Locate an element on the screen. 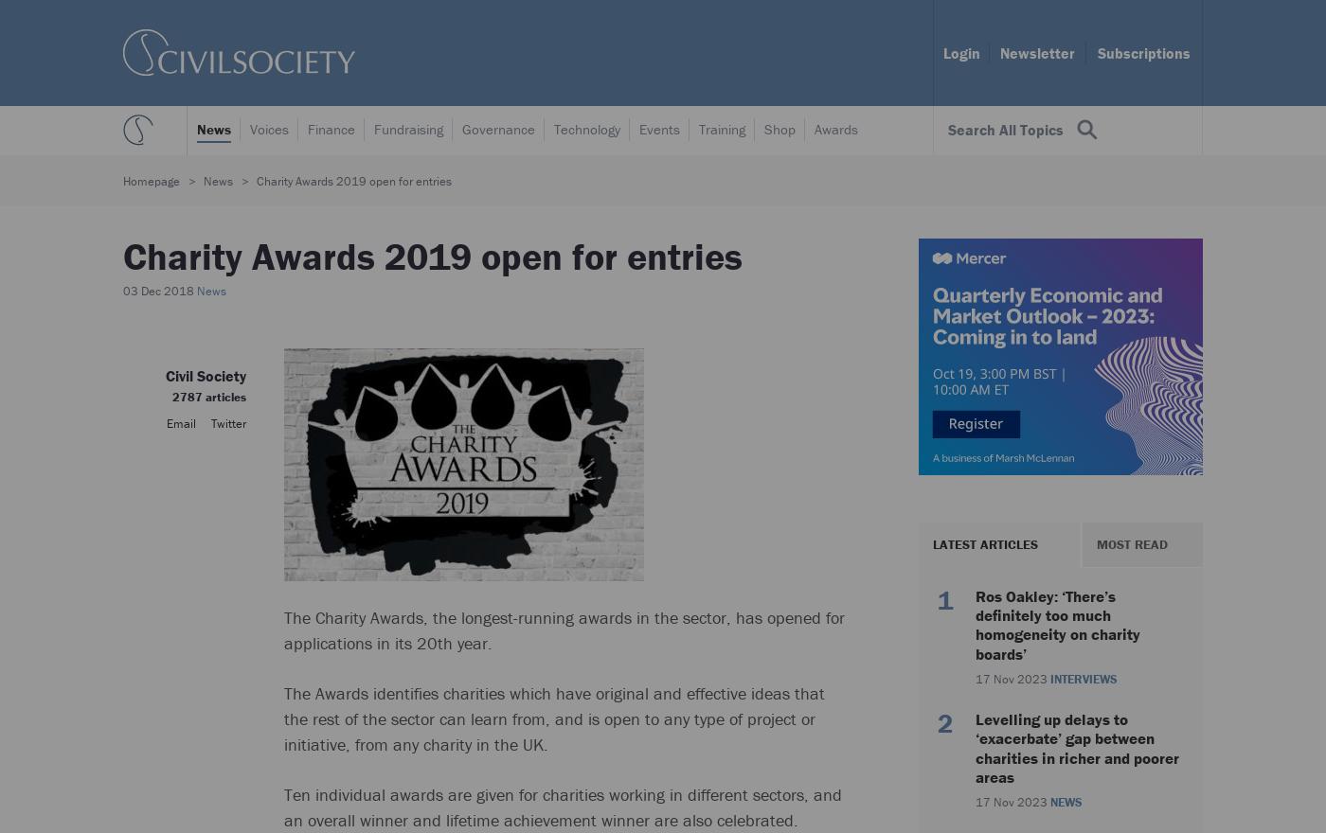 The width and height of the screenshot is (1326, 833). 'Newsletter' is located at coordinates (1036, 52).